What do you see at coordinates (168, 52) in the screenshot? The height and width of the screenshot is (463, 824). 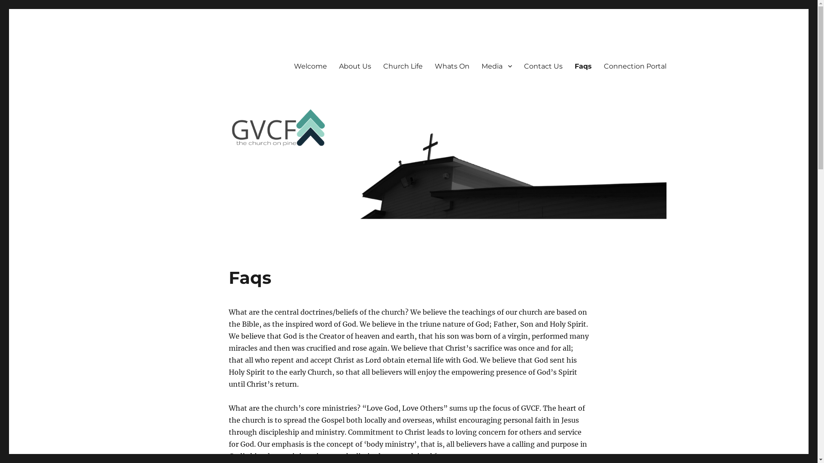 I see `'GVCF'` at bounding box center [168, 52].